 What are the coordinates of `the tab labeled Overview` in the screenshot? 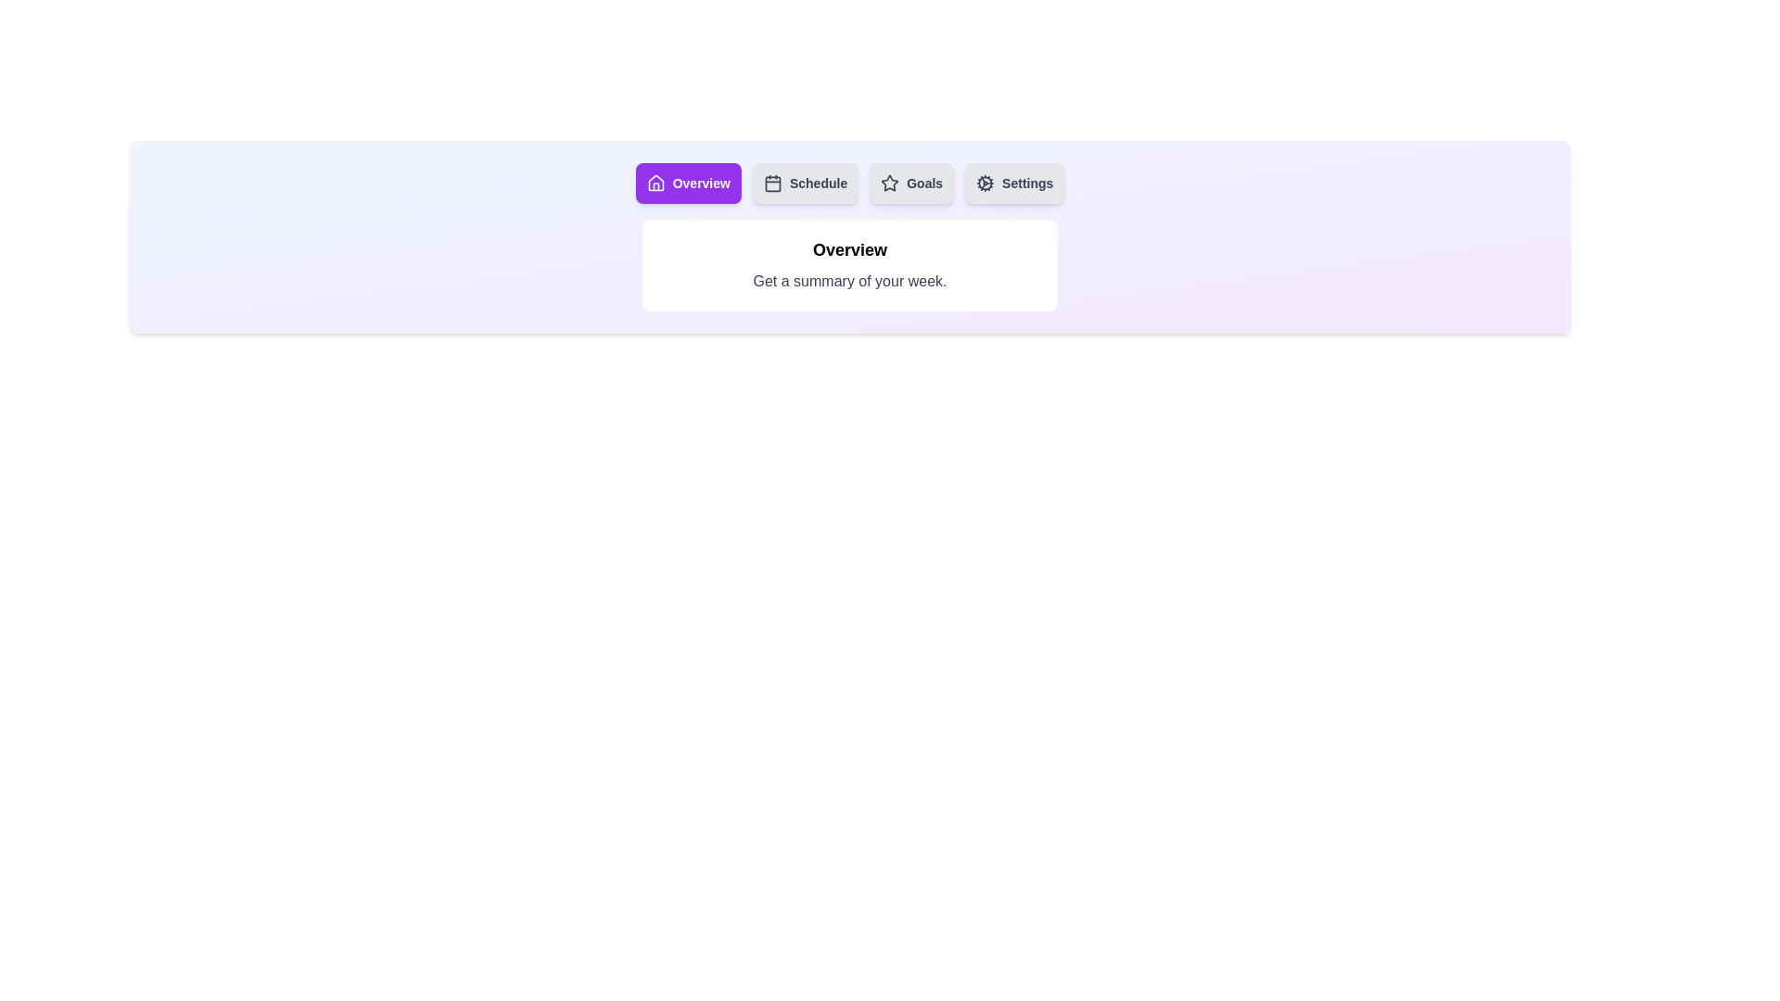 It's located at (687, 183).